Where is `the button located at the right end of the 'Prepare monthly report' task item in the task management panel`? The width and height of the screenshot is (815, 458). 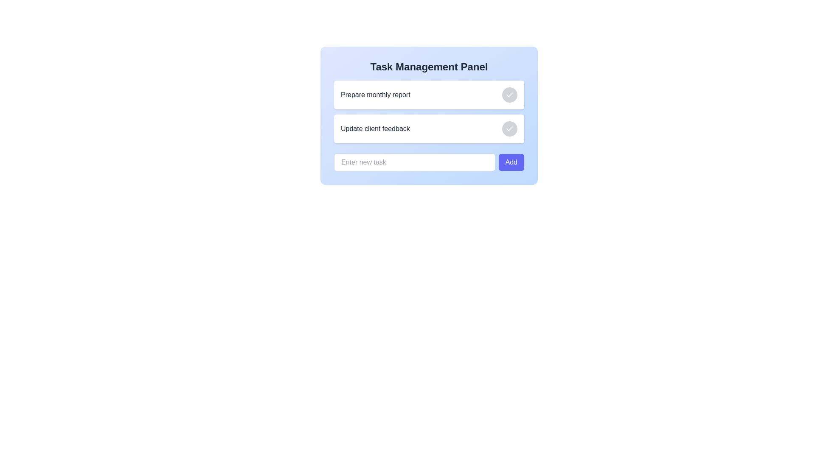 the button located at the right end of the 'Prepare monthly report' task item in the task management panel is located at coordinates (509, 95).